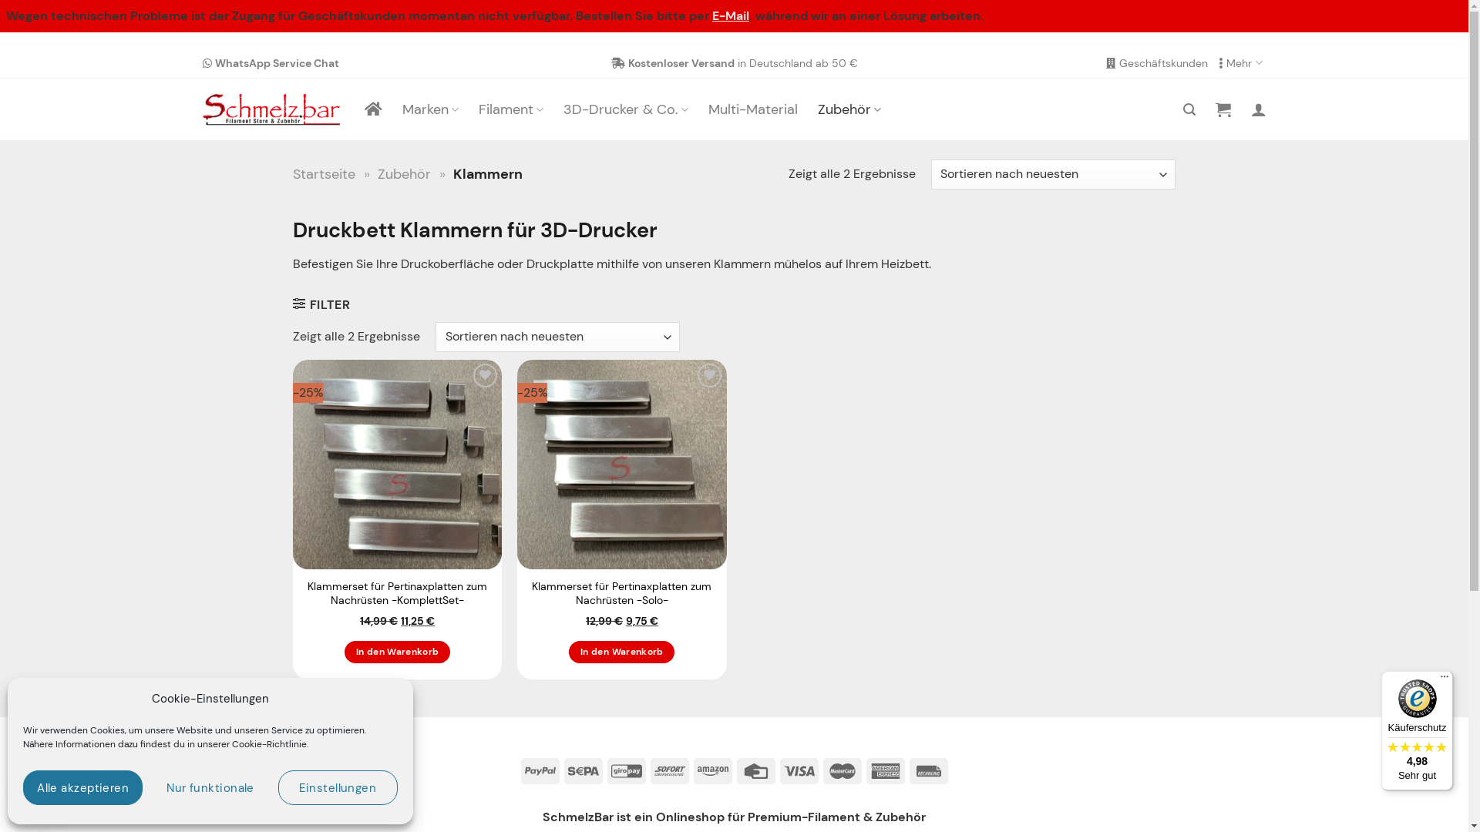 The height and width of the screenshot is (832, 1480). I want to click on 'Nur funktionale', so click(150, 787).